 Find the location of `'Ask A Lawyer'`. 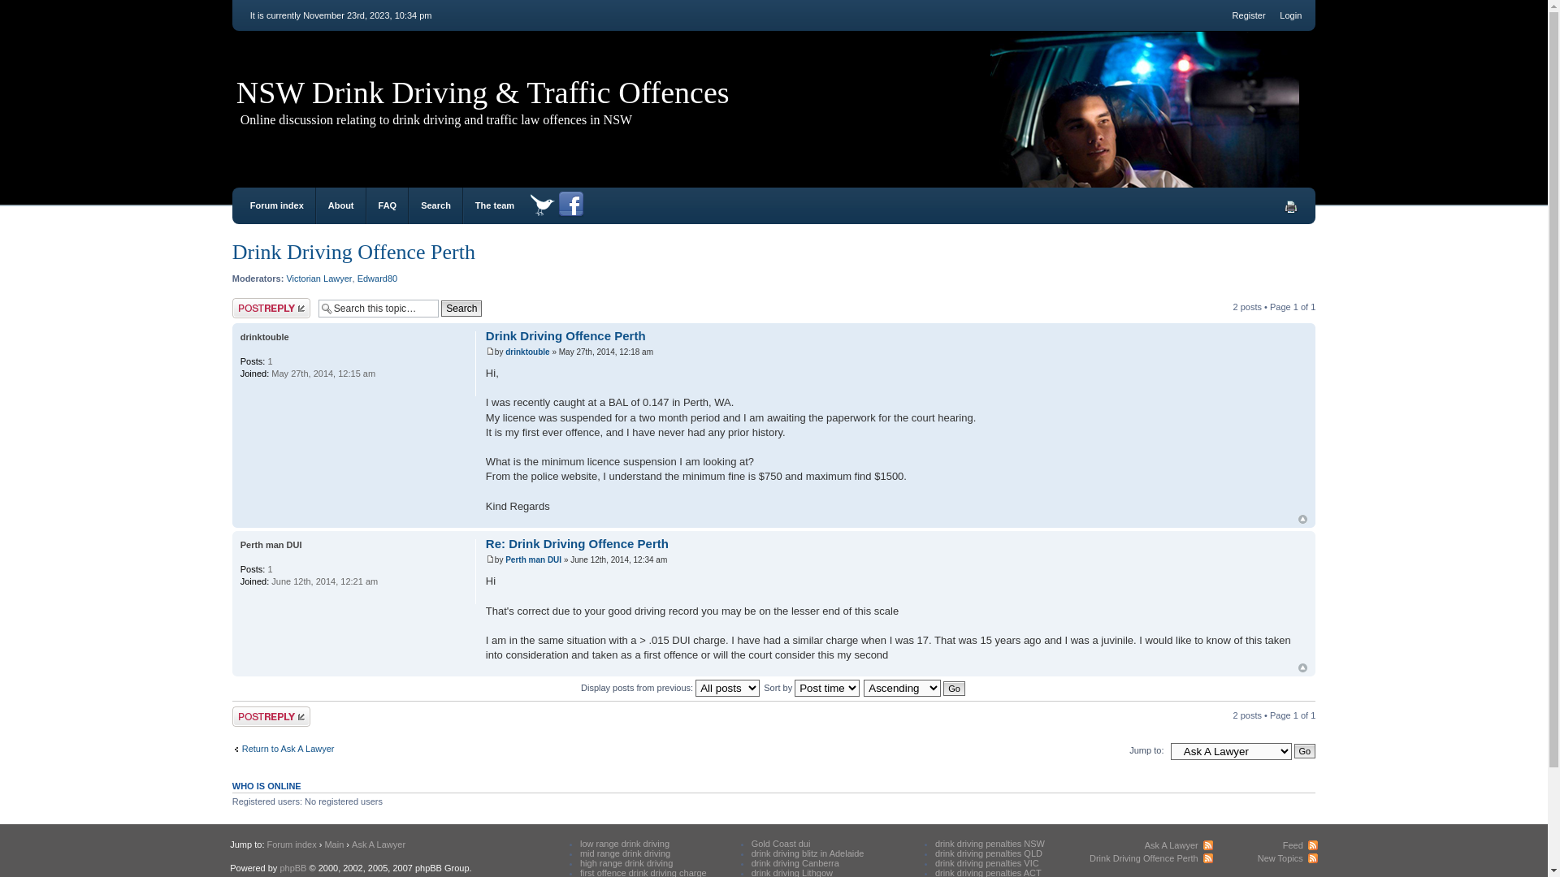

'Ask A Lawyer' is located at coordinates (1178, 845).